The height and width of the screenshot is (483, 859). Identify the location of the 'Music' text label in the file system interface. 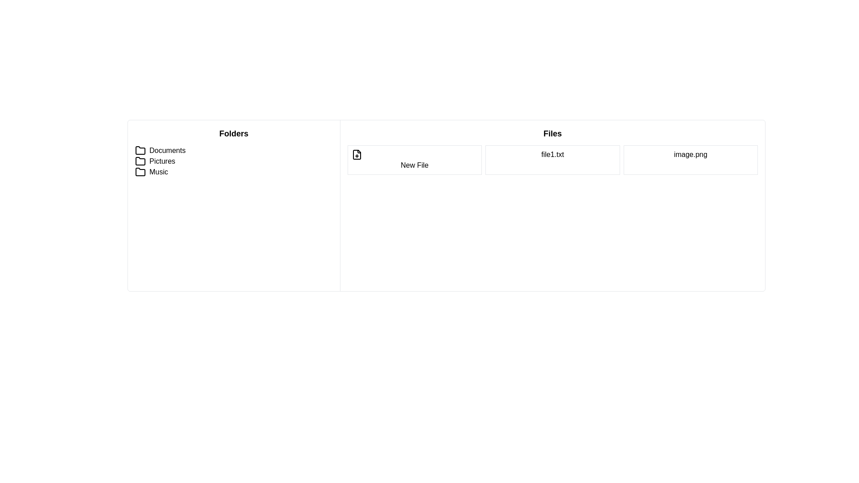
(158, 172).